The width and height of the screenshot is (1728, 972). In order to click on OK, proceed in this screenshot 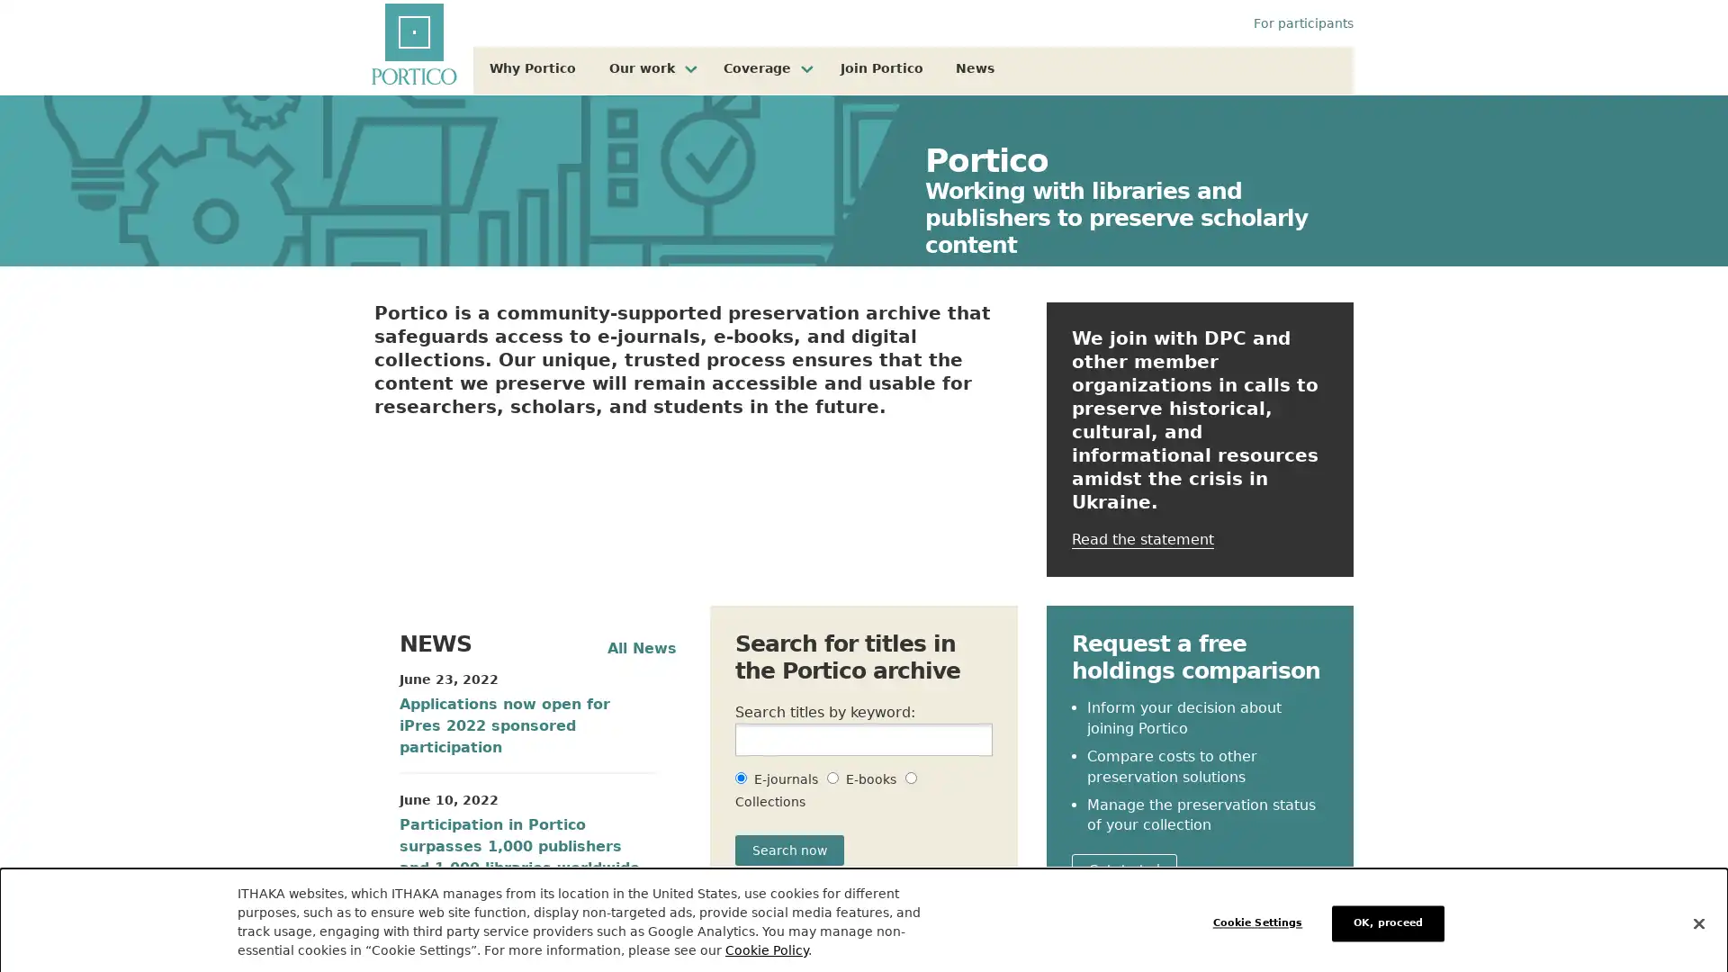, I will do `click(1387, 913)`.